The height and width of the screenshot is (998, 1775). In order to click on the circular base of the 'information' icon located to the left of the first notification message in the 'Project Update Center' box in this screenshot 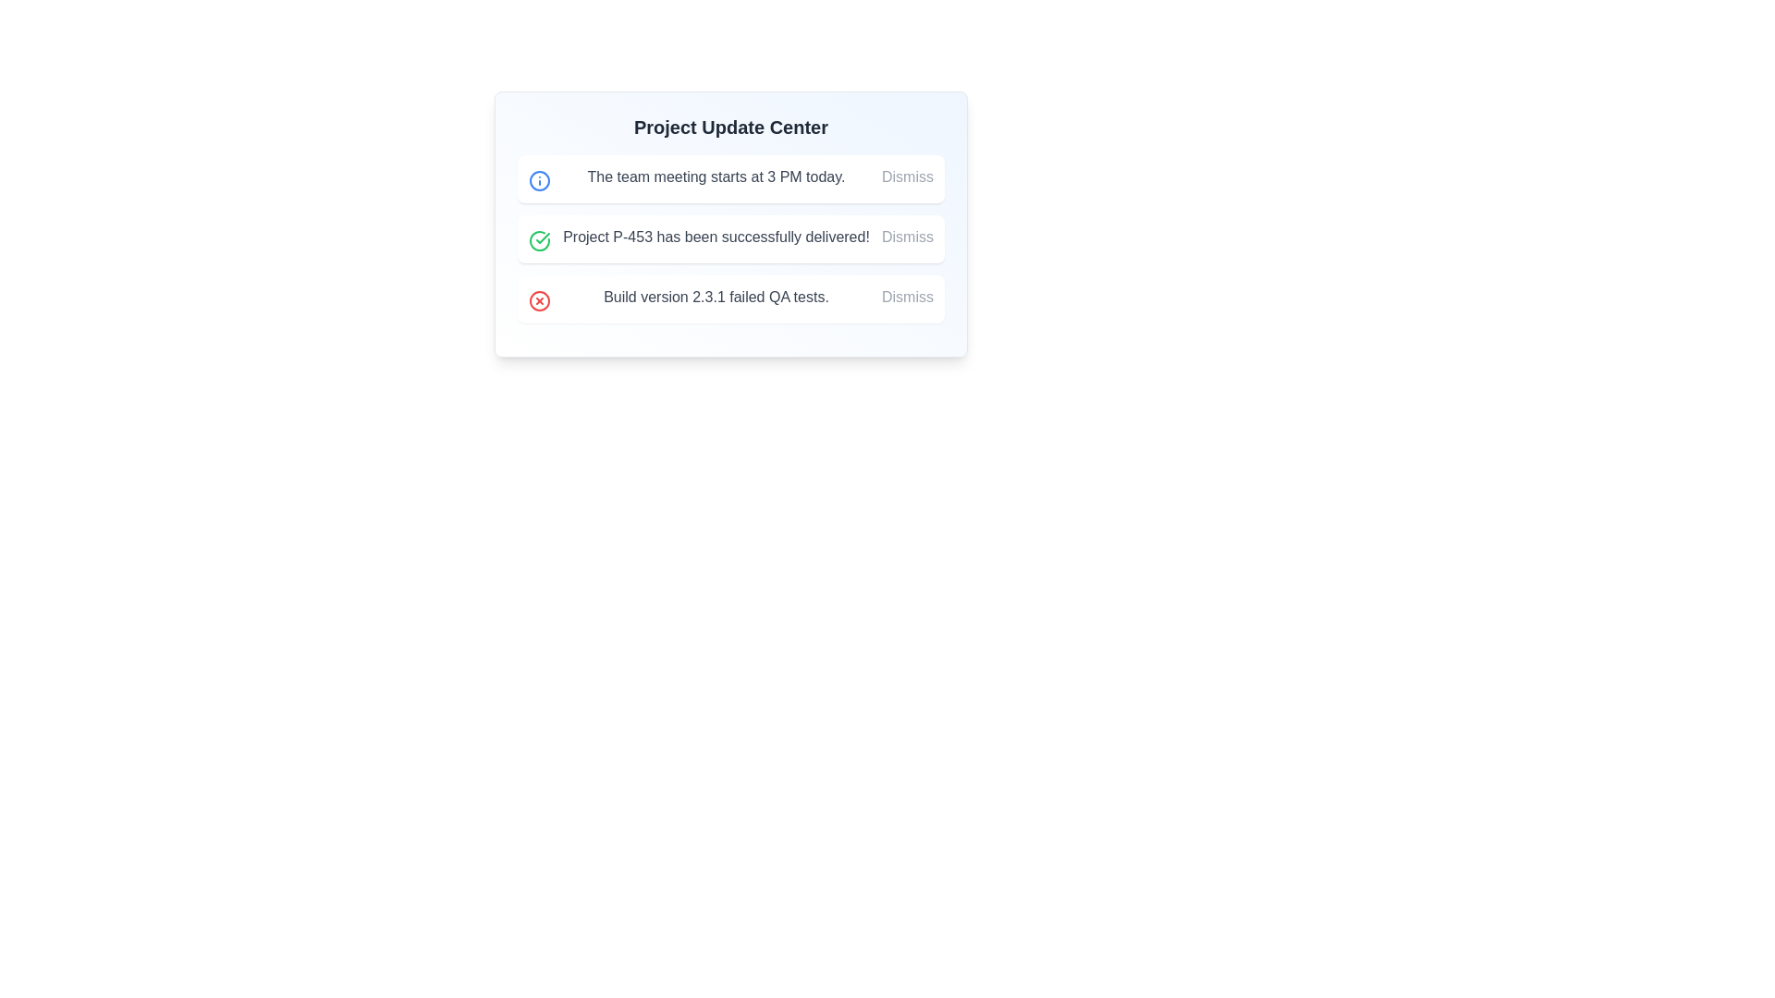, I will do `click(539, 181)`.